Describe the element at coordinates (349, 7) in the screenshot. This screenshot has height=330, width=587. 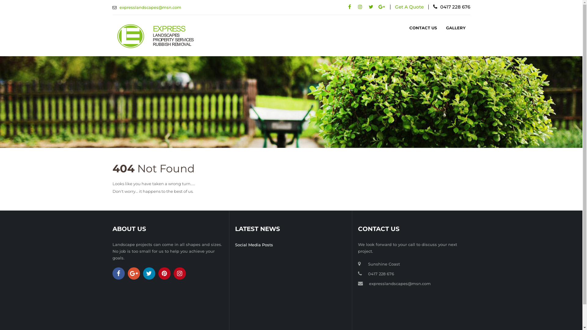
I see `'facebook'` at that location.